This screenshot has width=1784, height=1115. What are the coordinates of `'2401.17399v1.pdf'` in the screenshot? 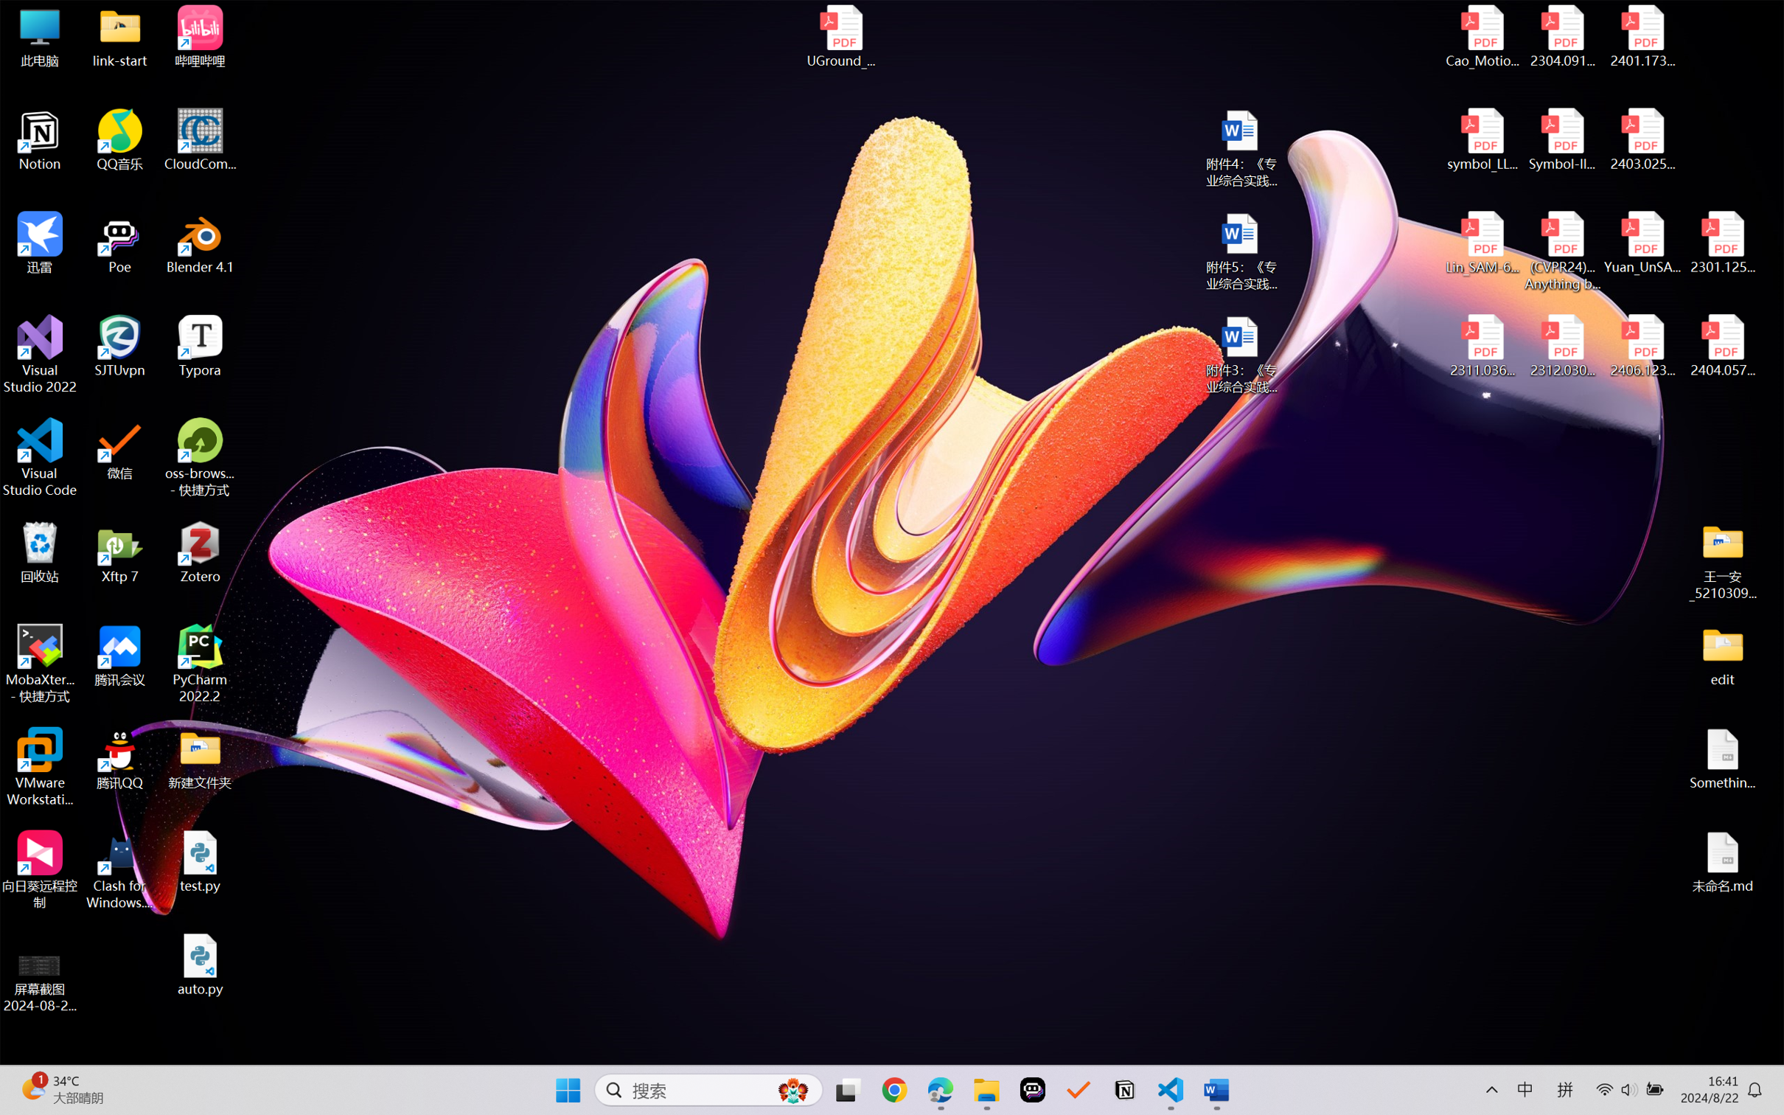 It's located at (1641, 36).